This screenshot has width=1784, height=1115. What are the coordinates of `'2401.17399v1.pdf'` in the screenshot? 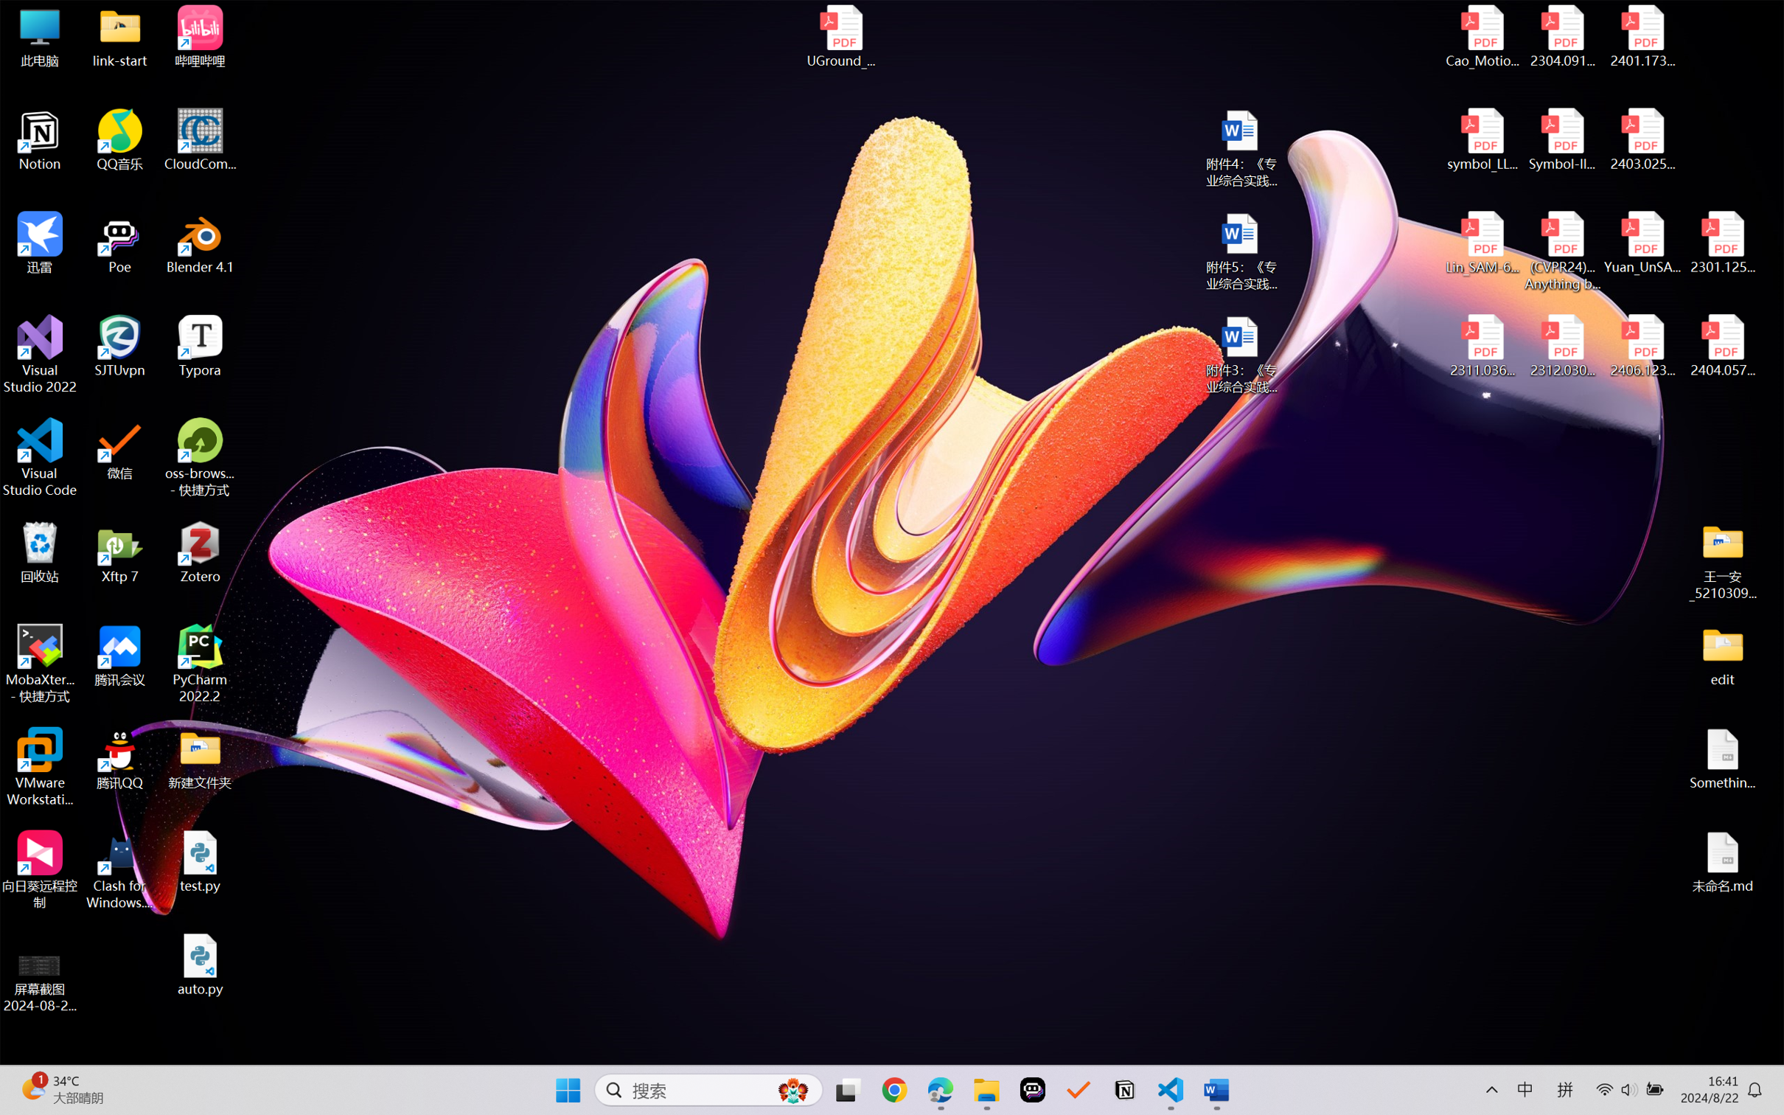 It's located at (1641, 36).